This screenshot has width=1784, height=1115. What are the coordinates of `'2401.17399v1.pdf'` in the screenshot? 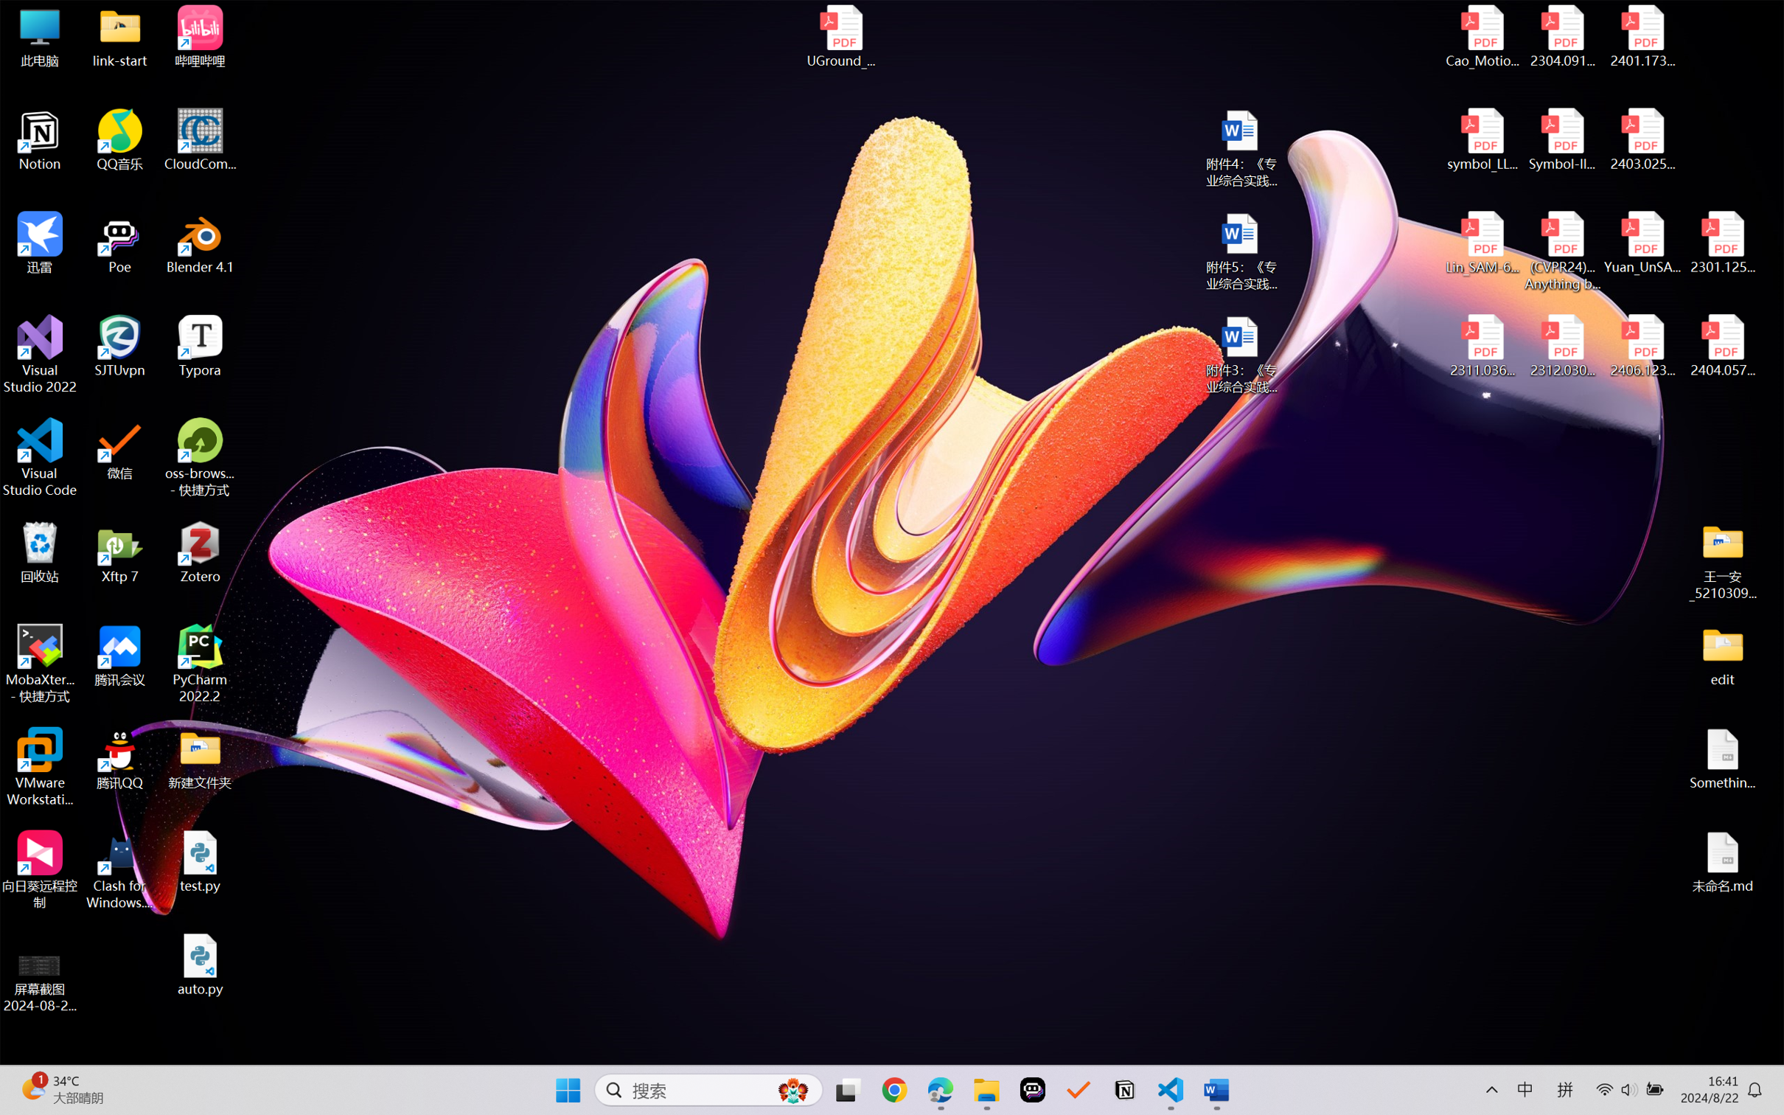 It's located at (1641, 36).